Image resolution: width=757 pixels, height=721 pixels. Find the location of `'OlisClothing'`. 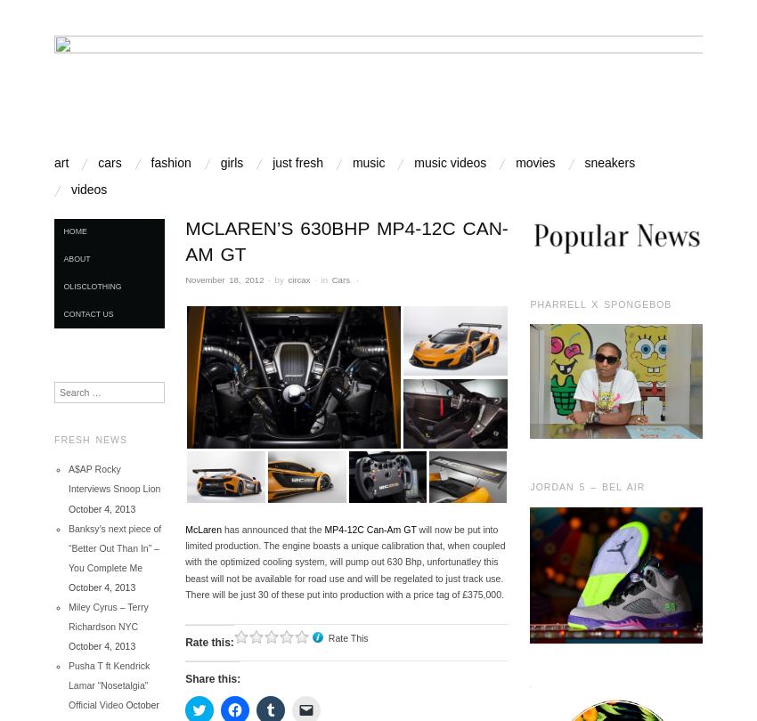

'OlisClothing' is located at coordinates (91, 285).